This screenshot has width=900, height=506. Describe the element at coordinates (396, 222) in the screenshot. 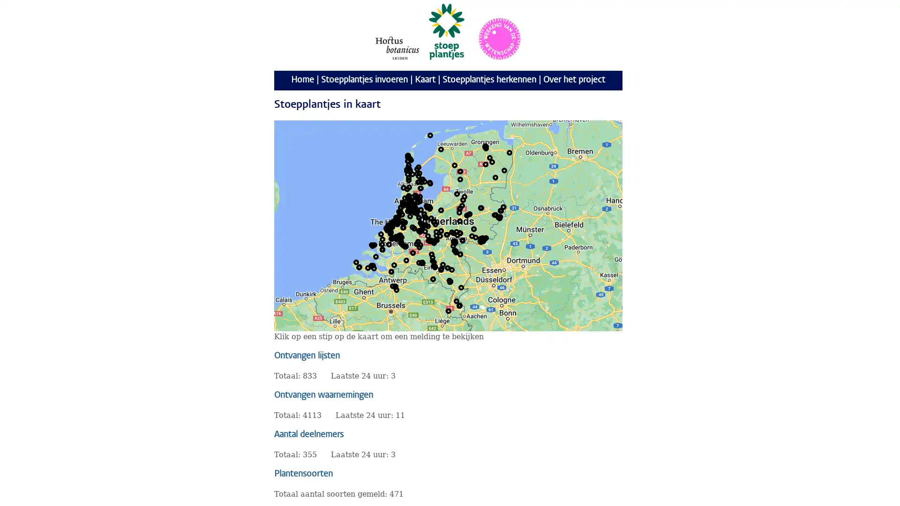

I see `Telling van Gert Jan van Pelt op 09 mei 2022` at that location.